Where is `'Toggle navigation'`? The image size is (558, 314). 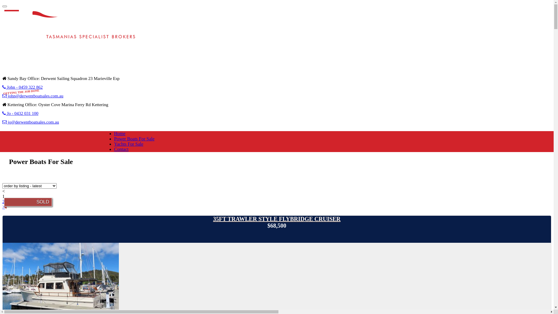
'Toggle navigation' is located at coordinates (4, 6).